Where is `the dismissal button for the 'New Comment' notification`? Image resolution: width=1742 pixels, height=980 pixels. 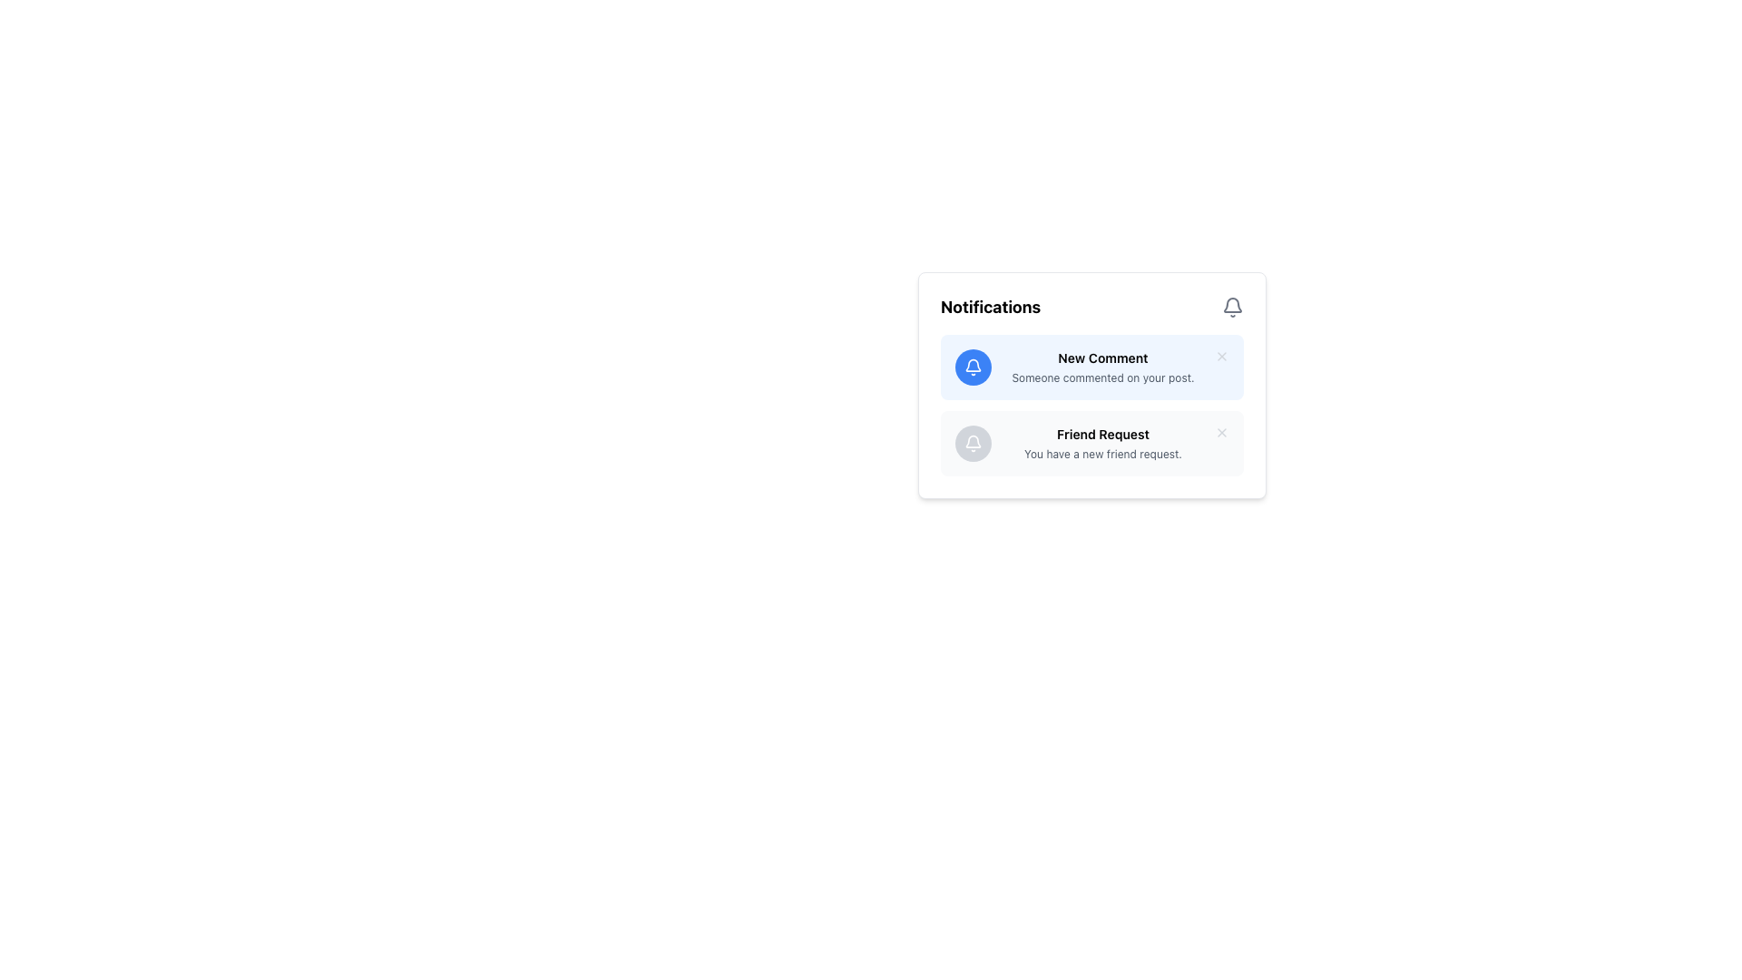 the dismissal button for the 'New Comment' notification is located at coordinates (1222, 357).